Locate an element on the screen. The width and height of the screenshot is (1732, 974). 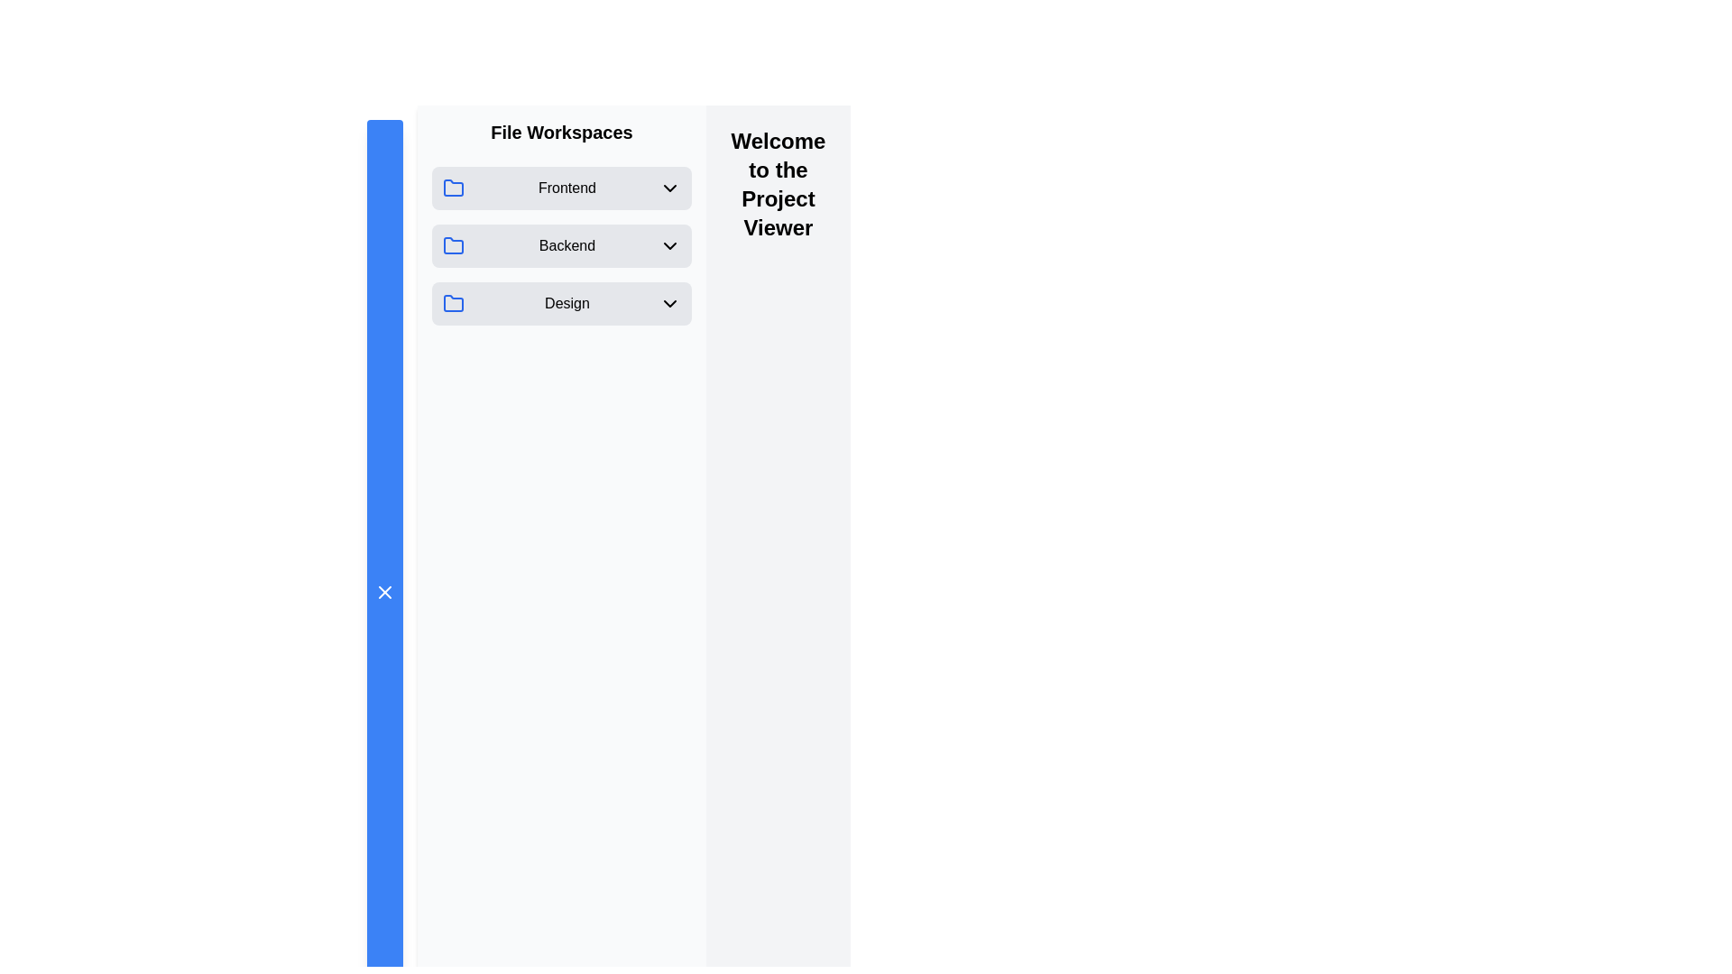
the 'close' button rendered as an SVG icon located in the vertical blue sidebar on the left side of the user interface is located at coordinates (384, 592).